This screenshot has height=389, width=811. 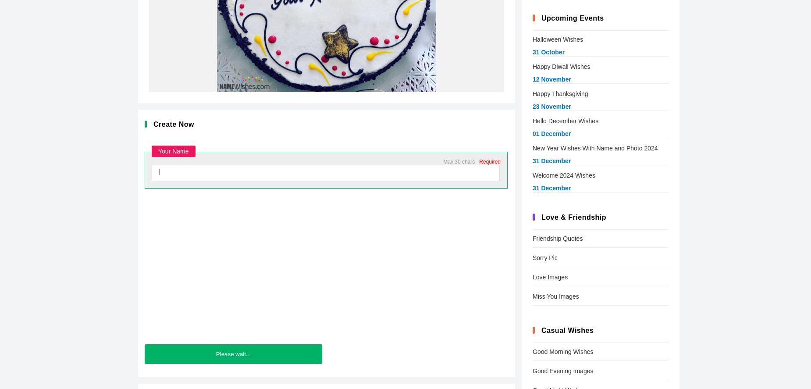 I want to click on '12 November', so click(x=551, y=79).